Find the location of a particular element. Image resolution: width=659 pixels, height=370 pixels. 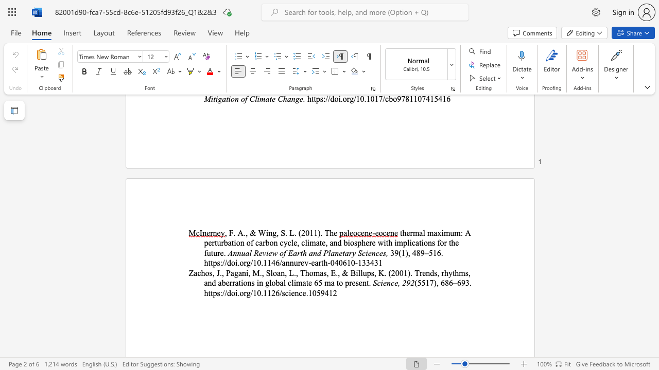

the 1th character "9" in the text is located at coordinates (408, 283).